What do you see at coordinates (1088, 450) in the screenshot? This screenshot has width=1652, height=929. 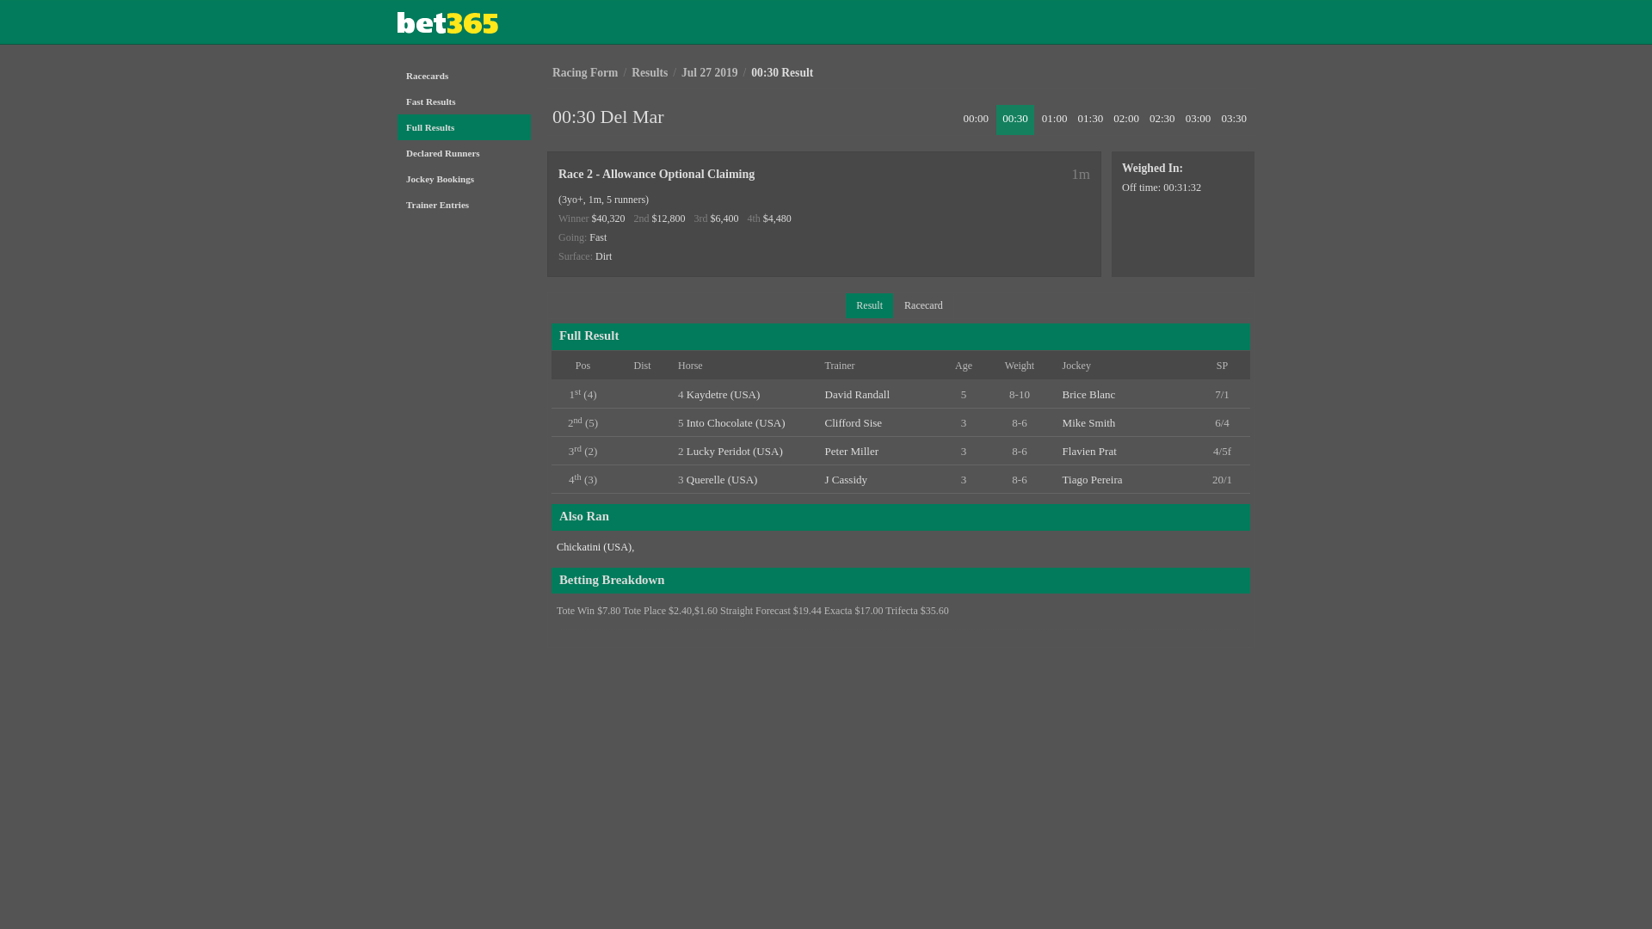 I see `'Flavien Prat'` at bounding box center [1088, 450].